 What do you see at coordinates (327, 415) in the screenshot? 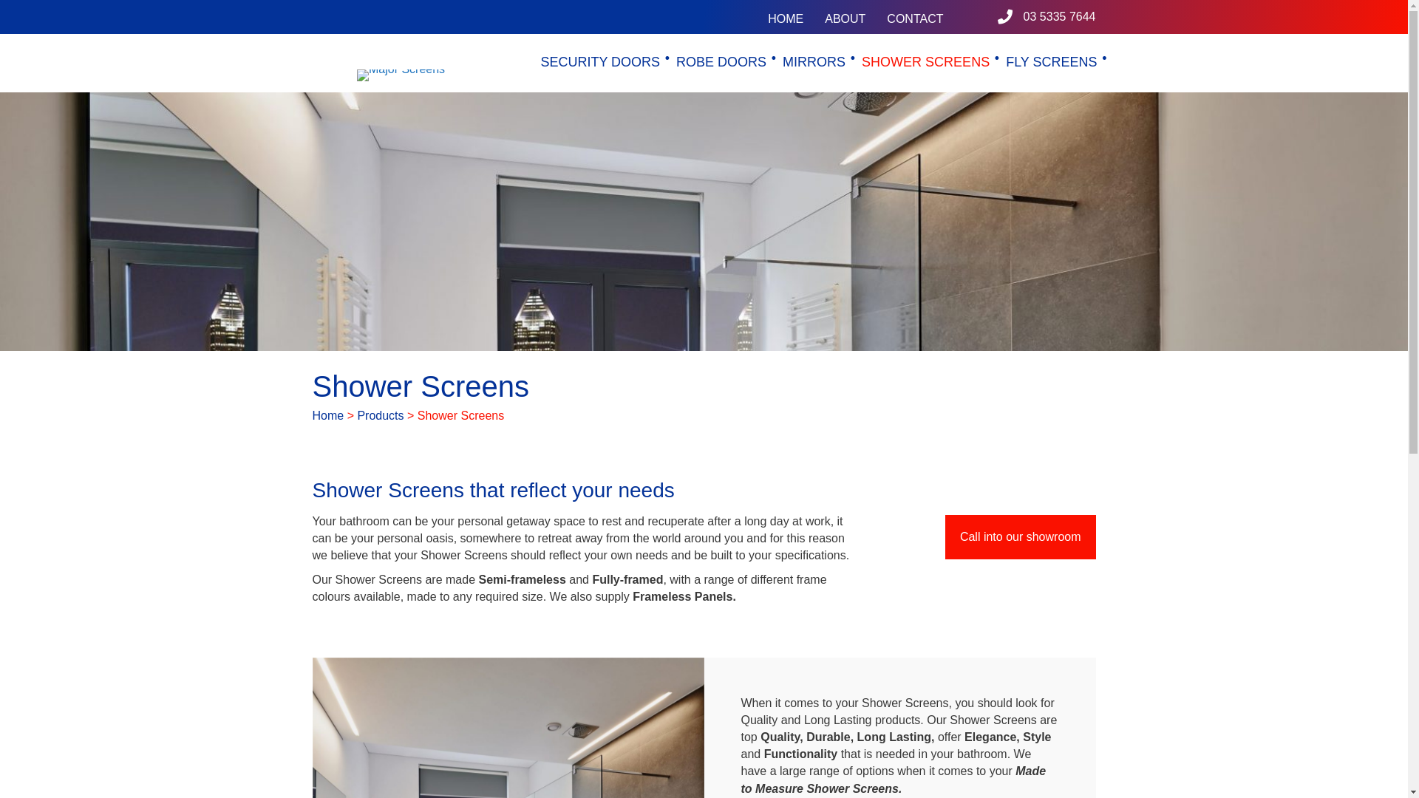
I see `'Home'` at bounding box center [327, 415].